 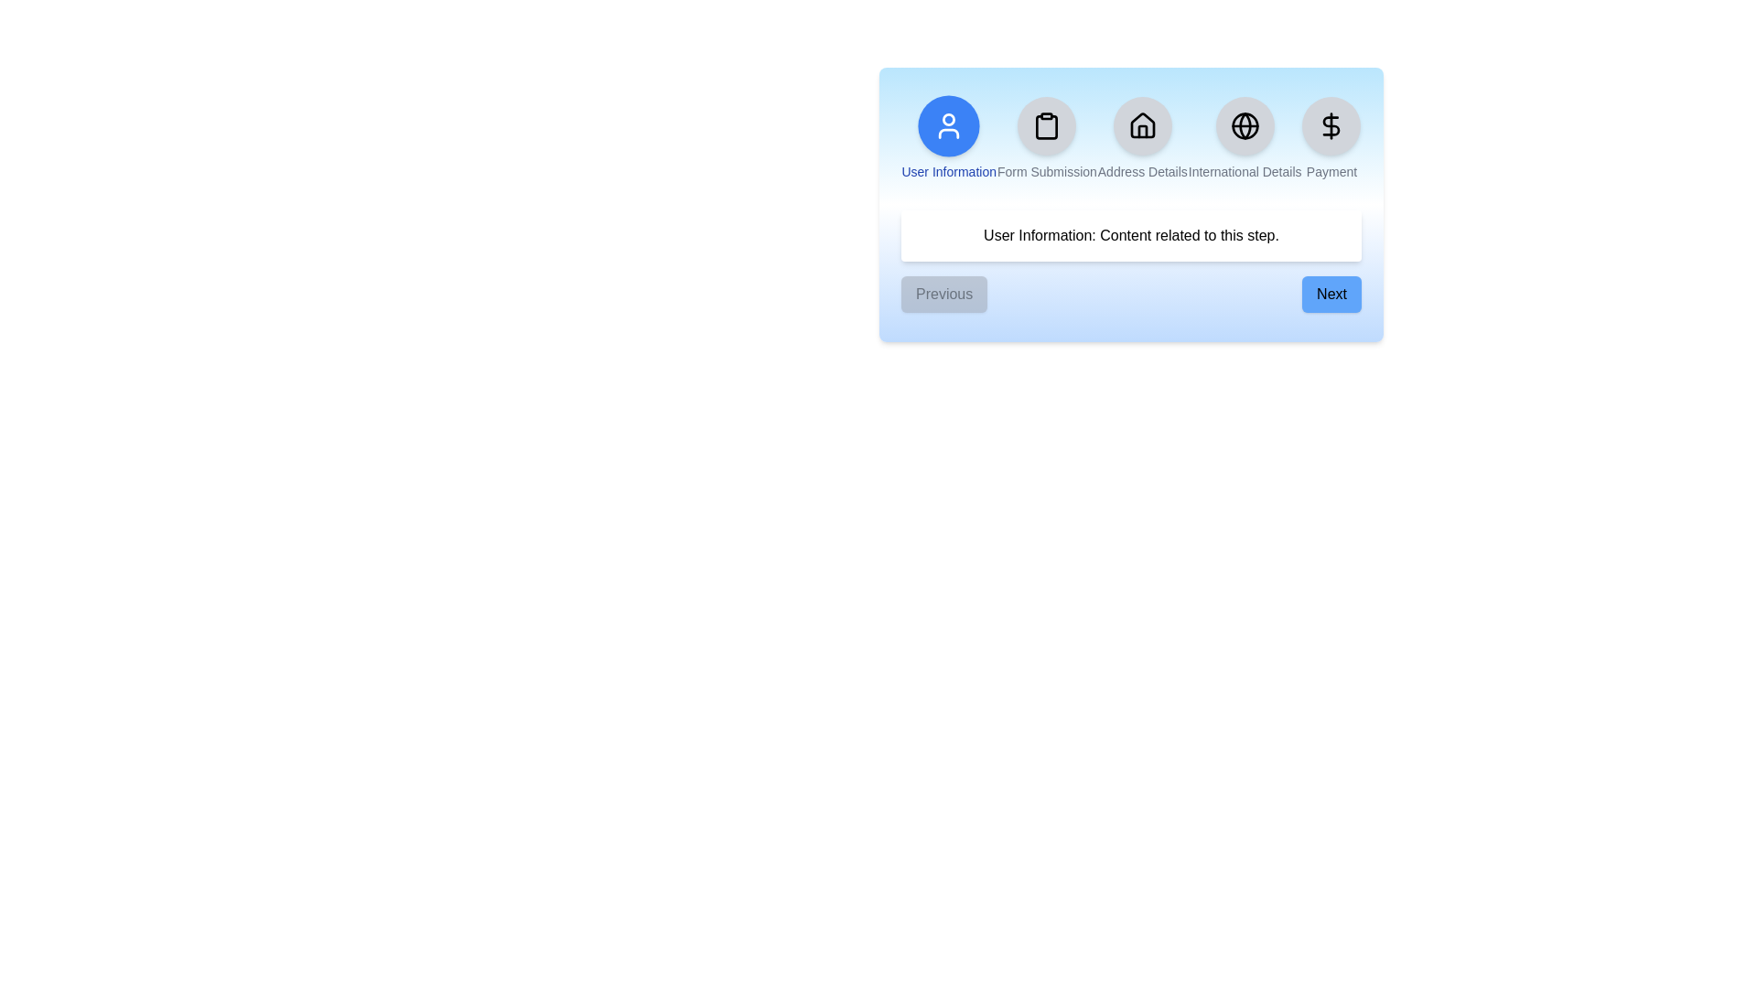 What do you see at coordinates (1141, 137) in the screenshot?
I see `the step indicator for Address Details to navigate to that step` at bounding box center [1141, 137].